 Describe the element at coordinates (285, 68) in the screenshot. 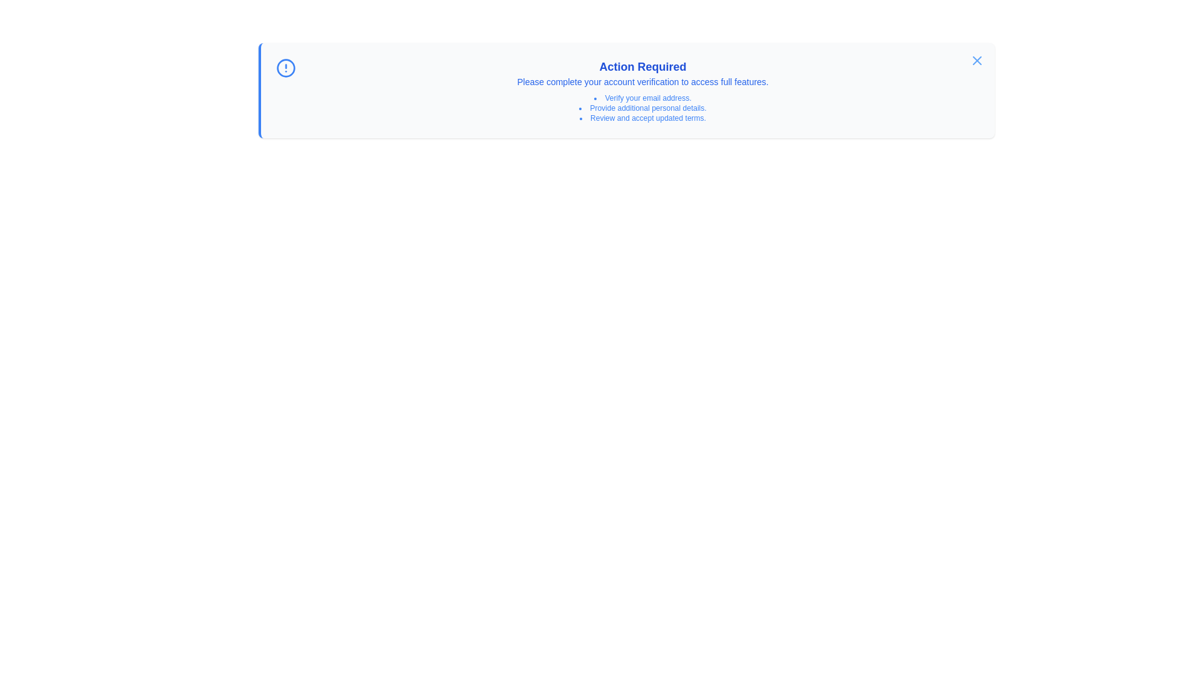

I see `the notification icon to interact with it` at that location.